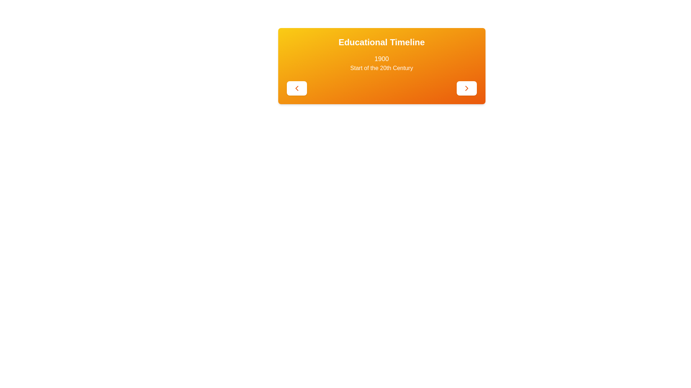  I want to click on the left navigation button, which is positioned at the far left of a horizontal row, so click(297, 88).